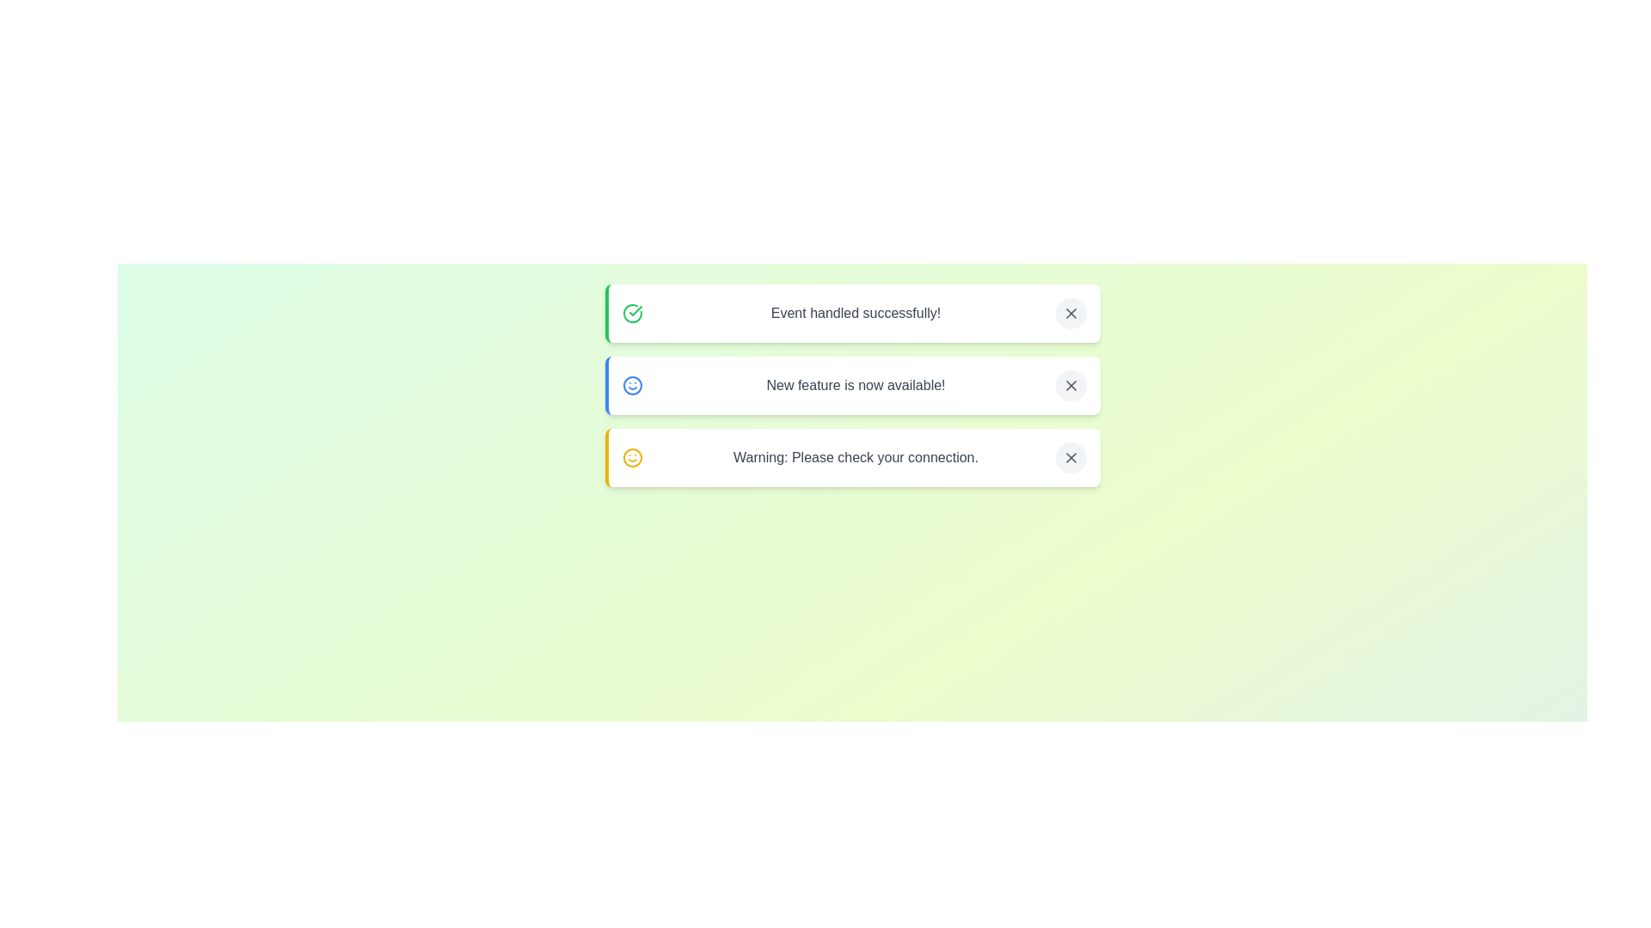  I want to click on the yellow smiley face icon located in the bottommost notification panel, adjacent to the text 'Warning: Please check your connection.', so click(631, 456).